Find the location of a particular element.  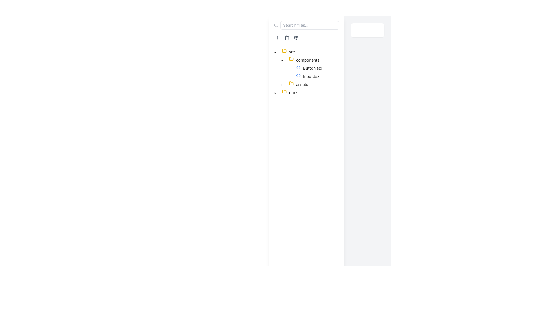

blue code symbol icon resembling angular brackets next to the label 'Input.tsx' for developer tools is located at coordinates (299, 76).